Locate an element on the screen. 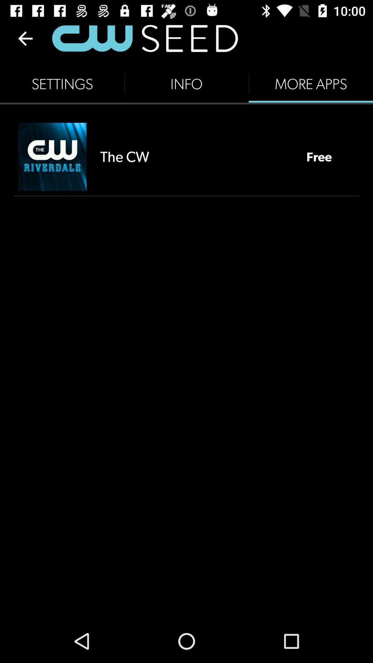  the icon to the right of the settings is located at coordinates (186, 84).